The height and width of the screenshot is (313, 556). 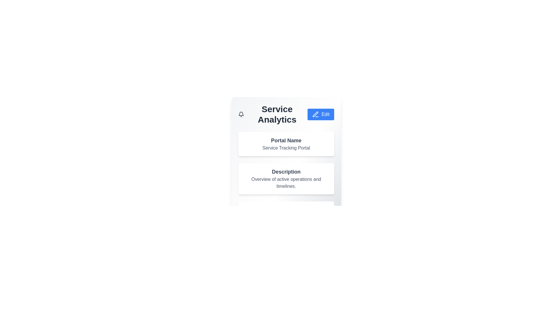 What do you see at coordinates (286, 141) in the screenshot?
I see `the 'Portal Name' text label, which is a bold, dark gray label with a larger font size, positioned at the top-center of a rounded box, above the 'Service Tracking Portal' label` at bounding box center [286, 141].